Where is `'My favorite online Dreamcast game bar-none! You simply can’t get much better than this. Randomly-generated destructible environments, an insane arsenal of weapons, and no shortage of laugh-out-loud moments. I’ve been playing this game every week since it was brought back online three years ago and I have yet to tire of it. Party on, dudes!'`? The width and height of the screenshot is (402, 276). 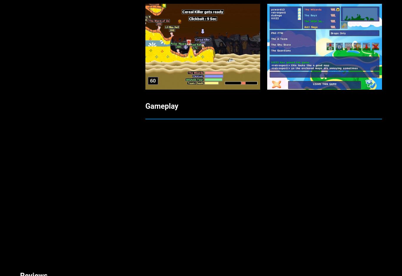
'My favorite online Dreamcast game bar-none! You simply can’t get much better than this. Randomly-generated destructible environments, an insane arsenal of weapons, and no shortage of laugh-out-loud moments. I’ve been playing this game every week since it was brought back online three years ago and I have yet to tire of it. Party on, dudes!' is located at coordinates (199, 230).